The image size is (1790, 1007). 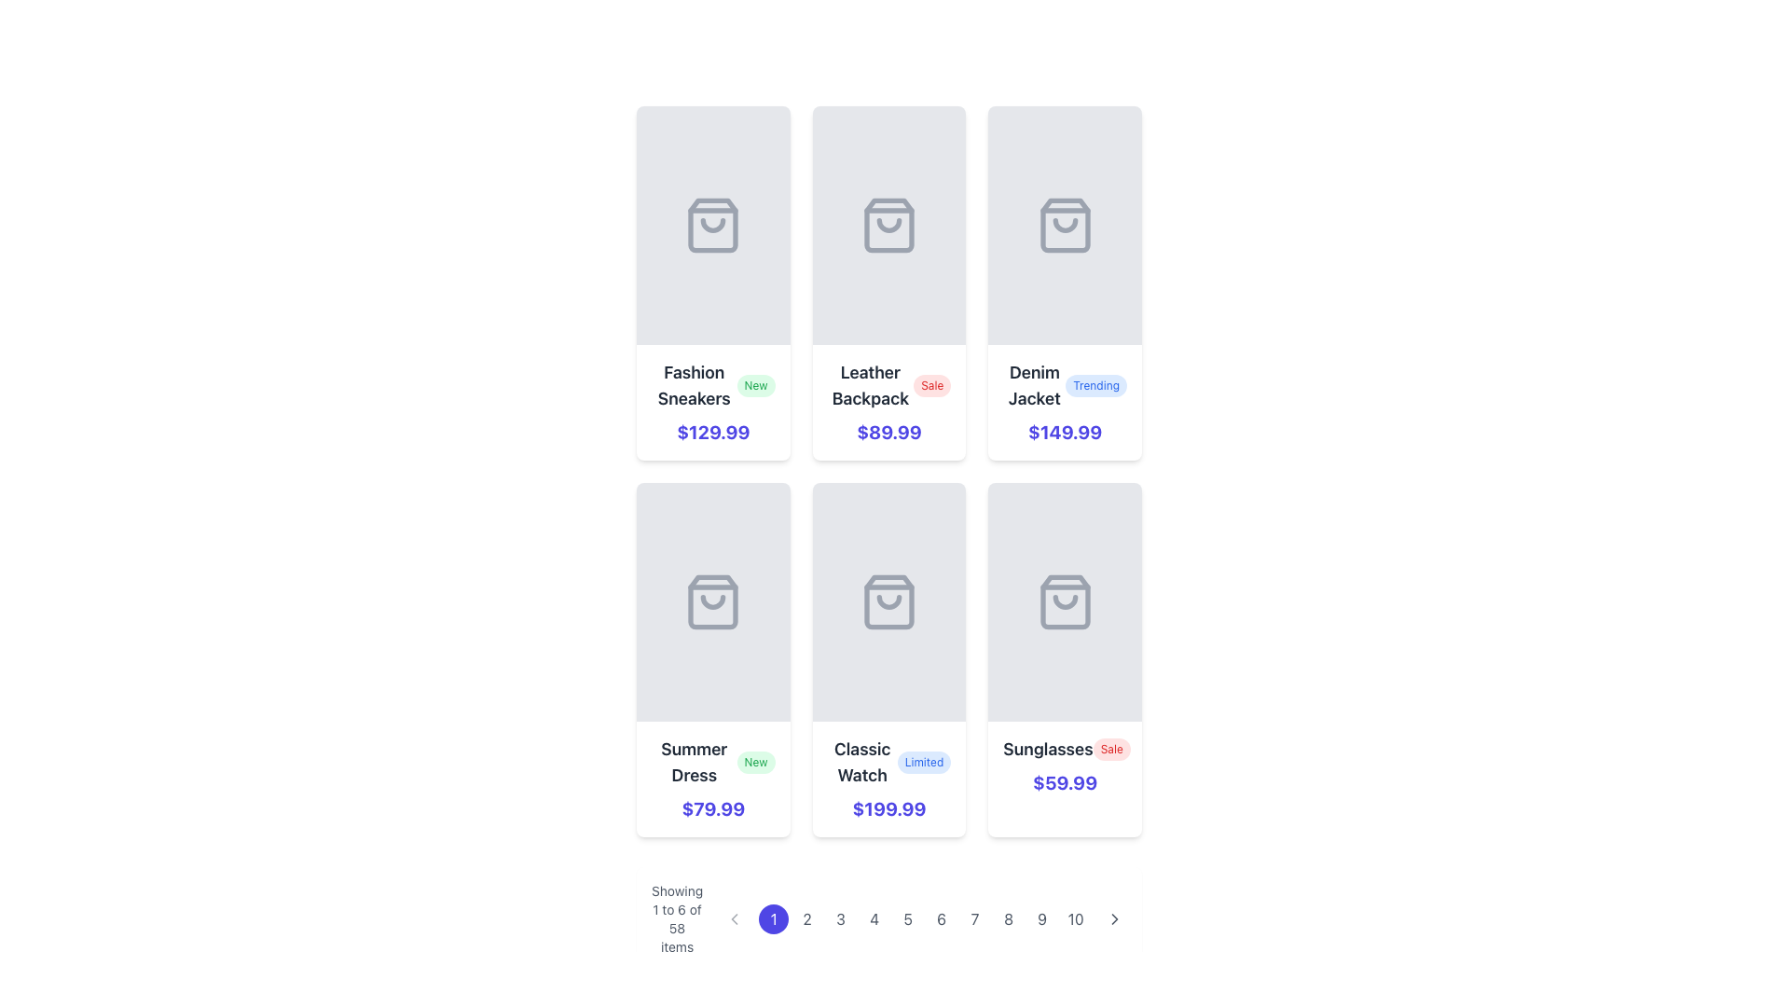 What do you see at coordinates (712, 807) in the screenshot?
I see `the price label displaying '$79.99', which is located at the bottom of the 'Summer Dress' product card, beneath the product title and 'New' label` at bounding box center [712, 807].